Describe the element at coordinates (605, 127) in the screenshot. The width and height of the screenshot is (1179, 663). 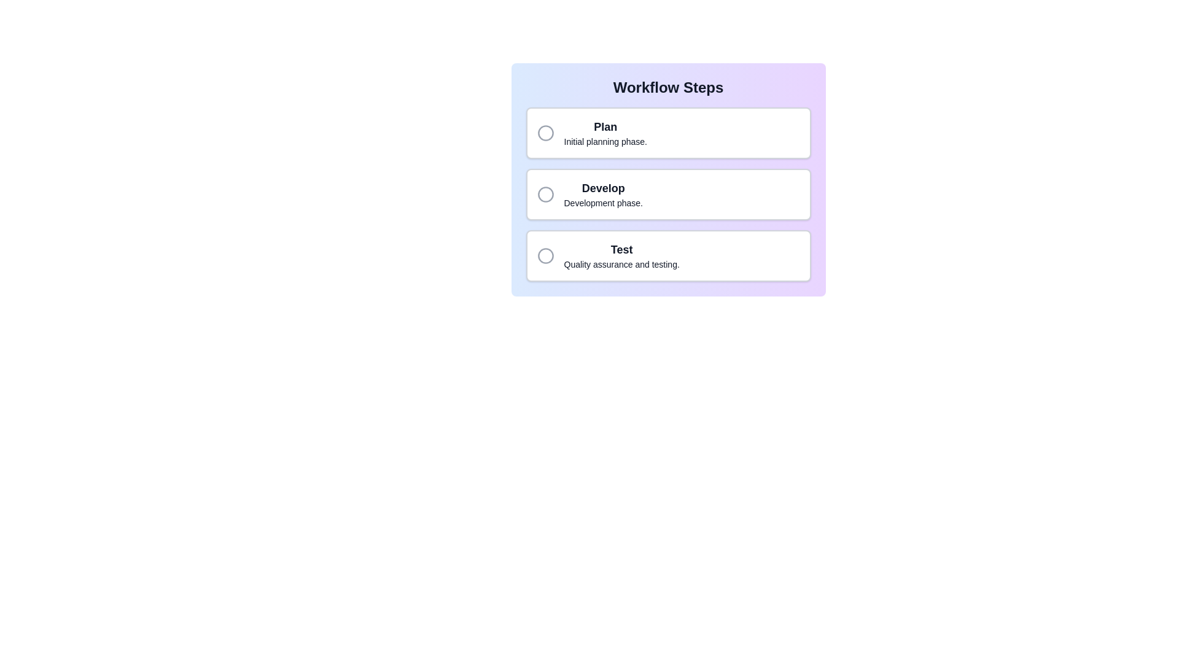
I see `text label displaying 'Plan' which is prominently positioned above 'Initial planning phase' in the first section of the workflow steps list` at that location.